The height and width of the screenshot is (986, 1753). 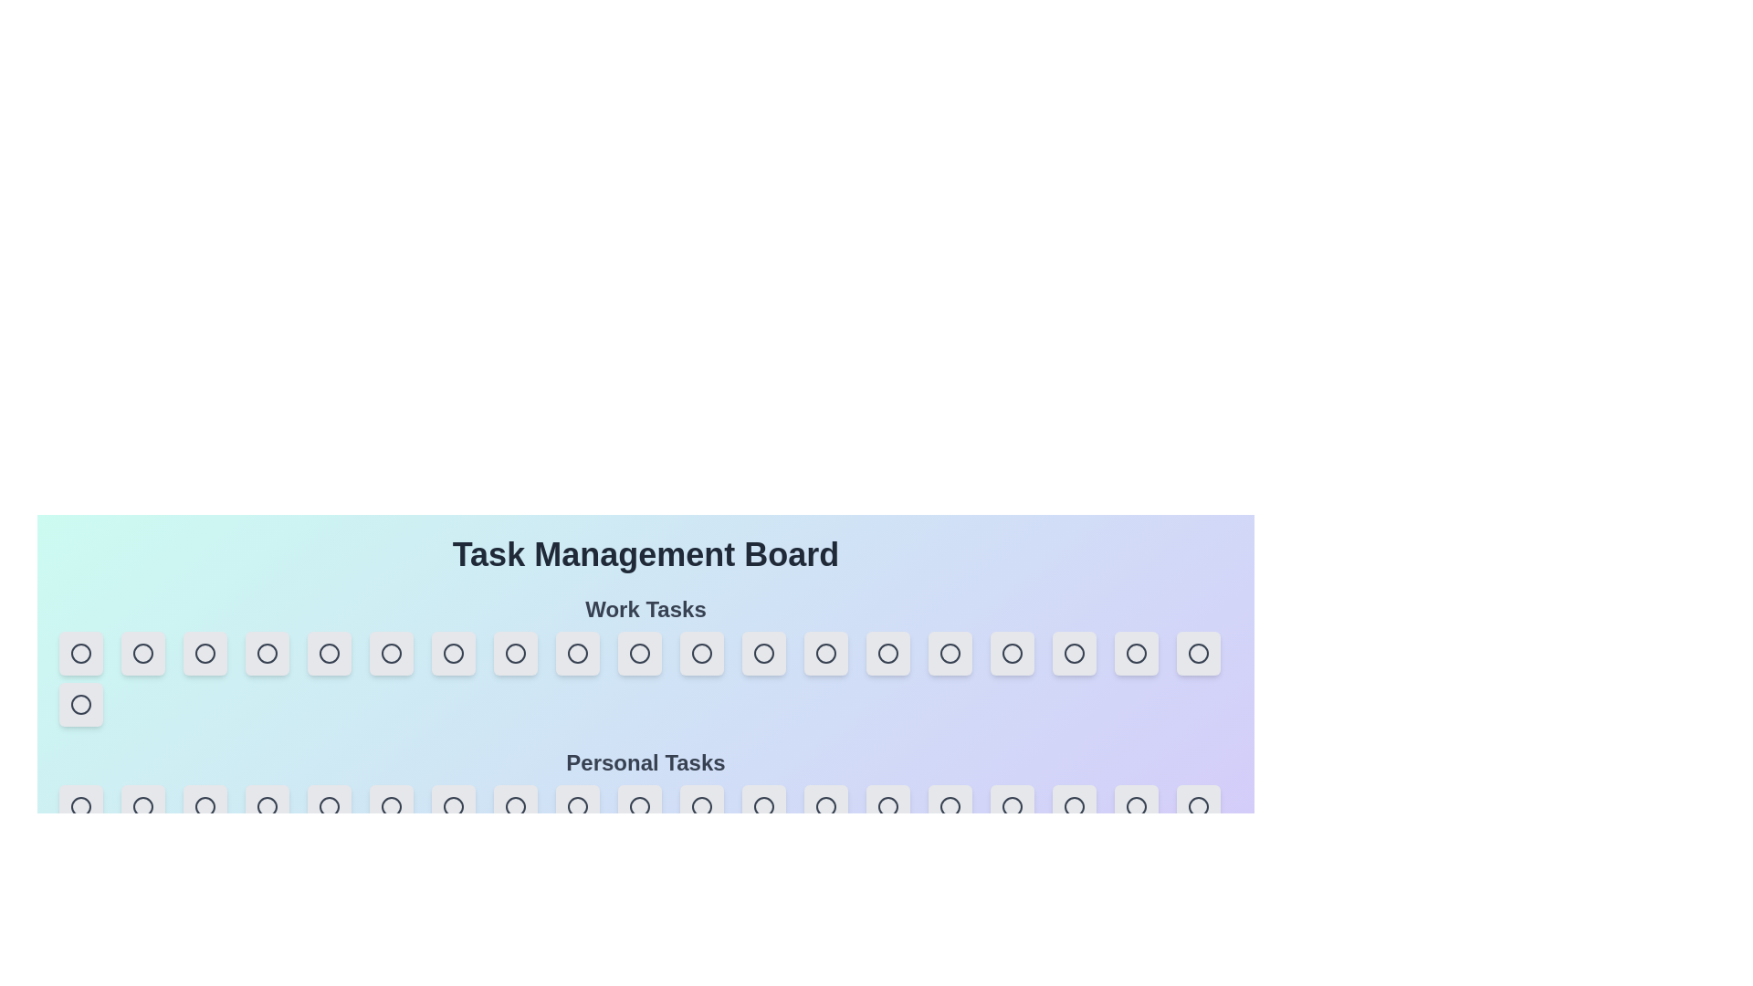 I want to click on the first task button in the 'Work Tasks' section, so click(x=80, y=653).